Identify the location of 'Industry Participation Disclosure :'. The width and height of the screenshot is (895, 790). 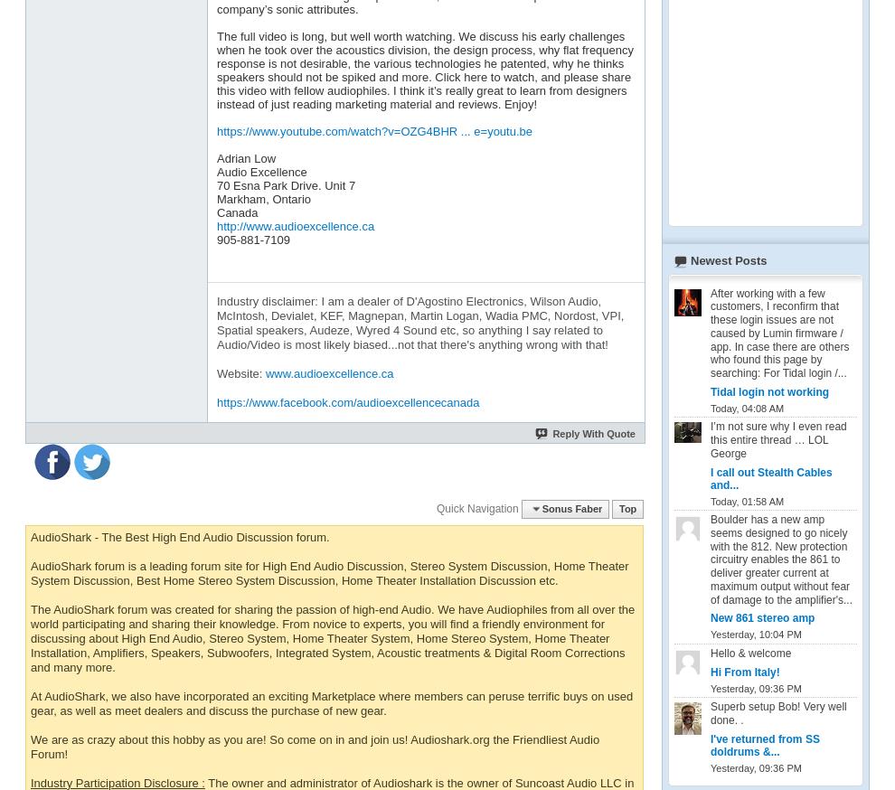
(116, 782).